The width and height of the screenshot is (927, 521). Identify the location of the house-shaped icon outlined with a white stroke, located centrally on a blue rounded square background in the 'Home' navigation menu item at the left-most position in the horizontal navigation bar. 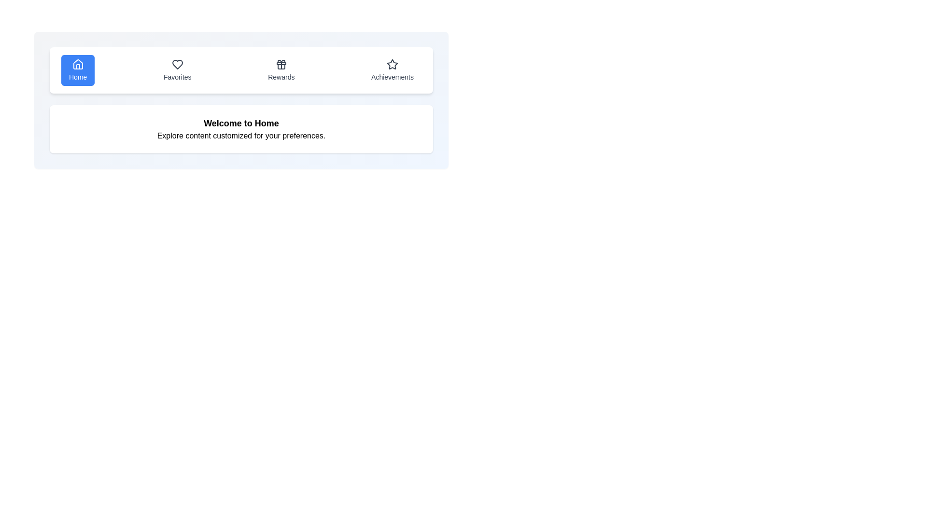
(78, 65).